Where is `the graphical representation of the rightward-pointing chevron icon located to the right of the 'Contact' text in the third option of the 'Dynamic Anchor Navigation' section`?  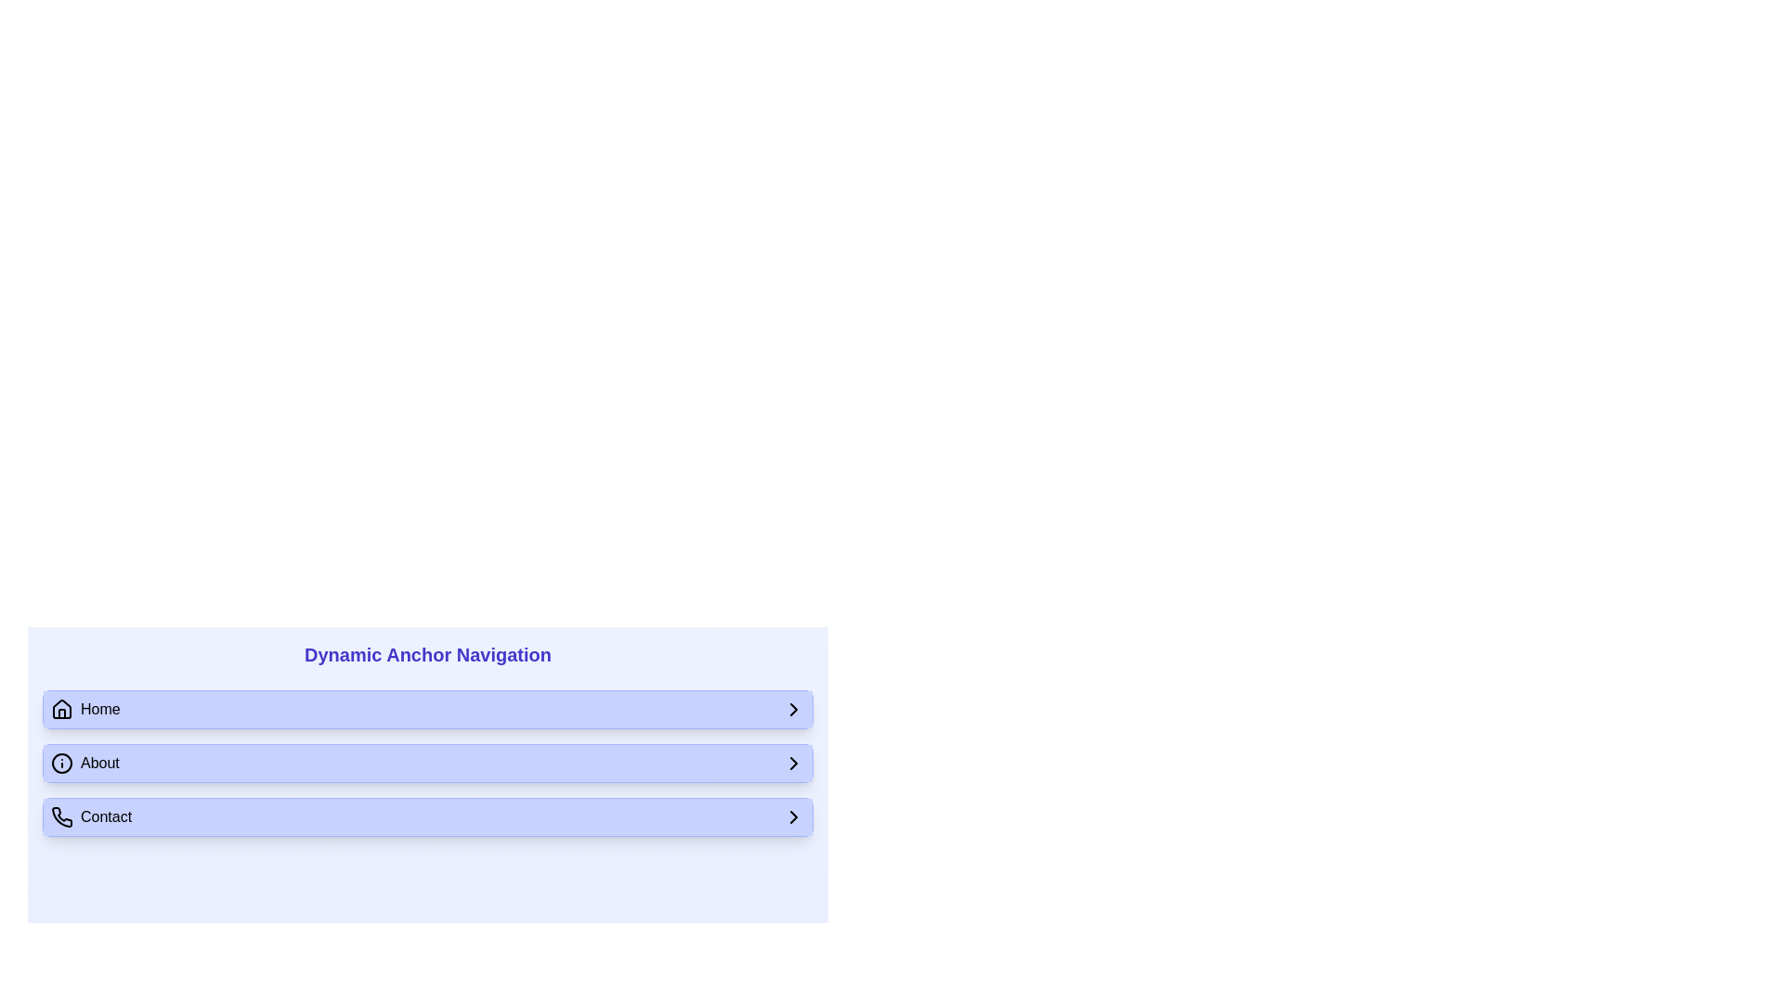
the graphical representation of the rightward-pointing chevron icon located to the right of the 'Contact' text in the third option of the 'Dynamic Anchor Navigation' section is located at coordinates (793, 763).